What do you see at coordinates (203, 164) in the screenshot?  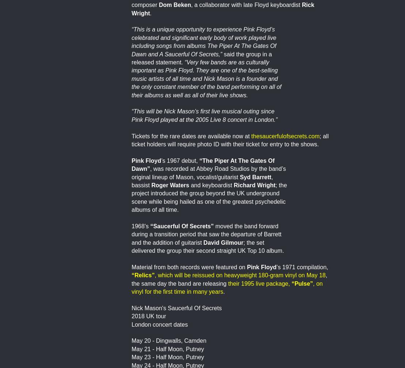 I see `'“The Piper At The Gates Of Dawn”'` at bounding box center [203, 164].